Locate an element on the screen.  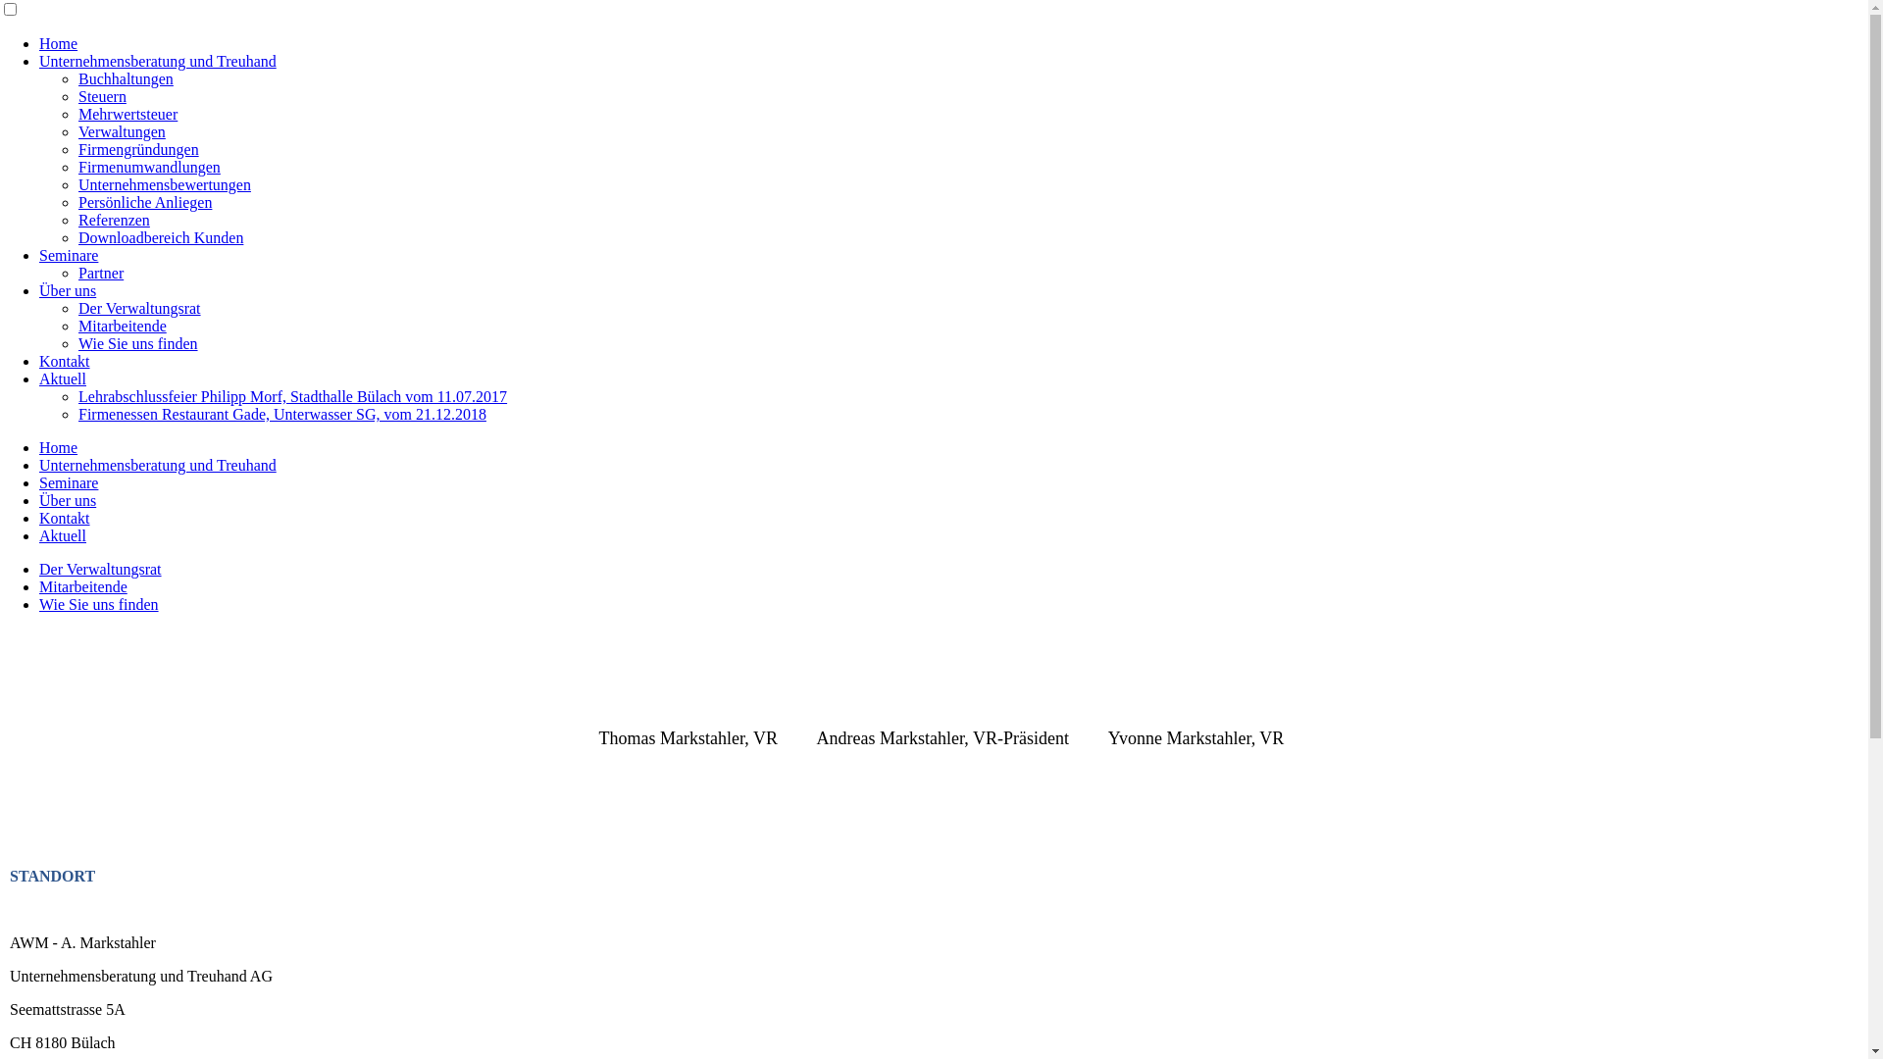
'Home' is located at coordinates (38, 447).